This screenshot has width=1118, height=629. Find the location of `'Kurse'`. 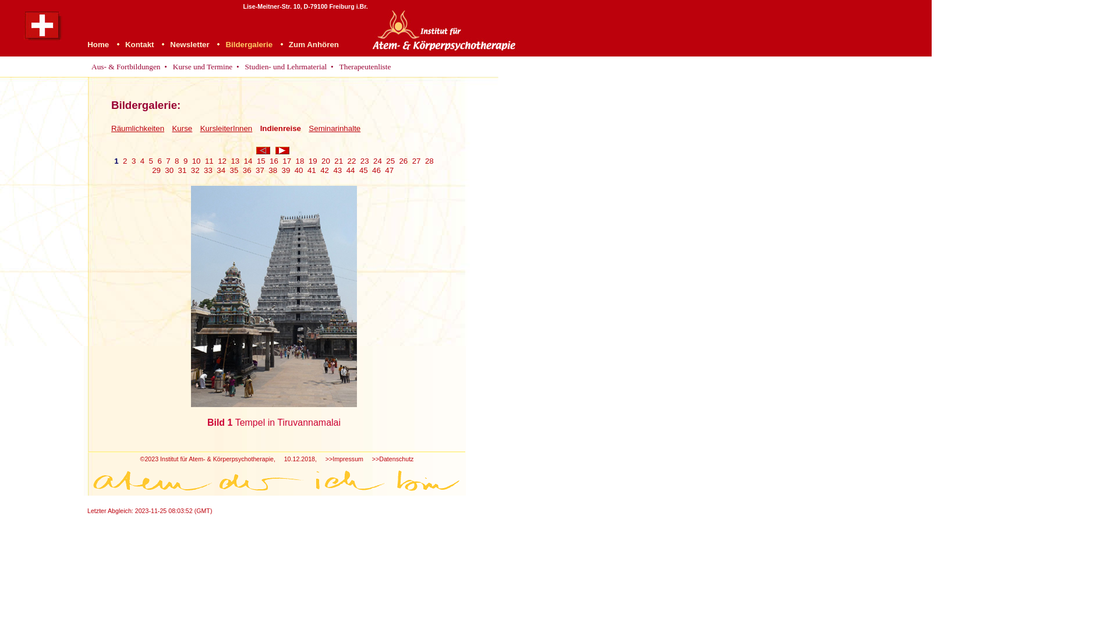

'Kurse' is located at coordinates (181, 128).